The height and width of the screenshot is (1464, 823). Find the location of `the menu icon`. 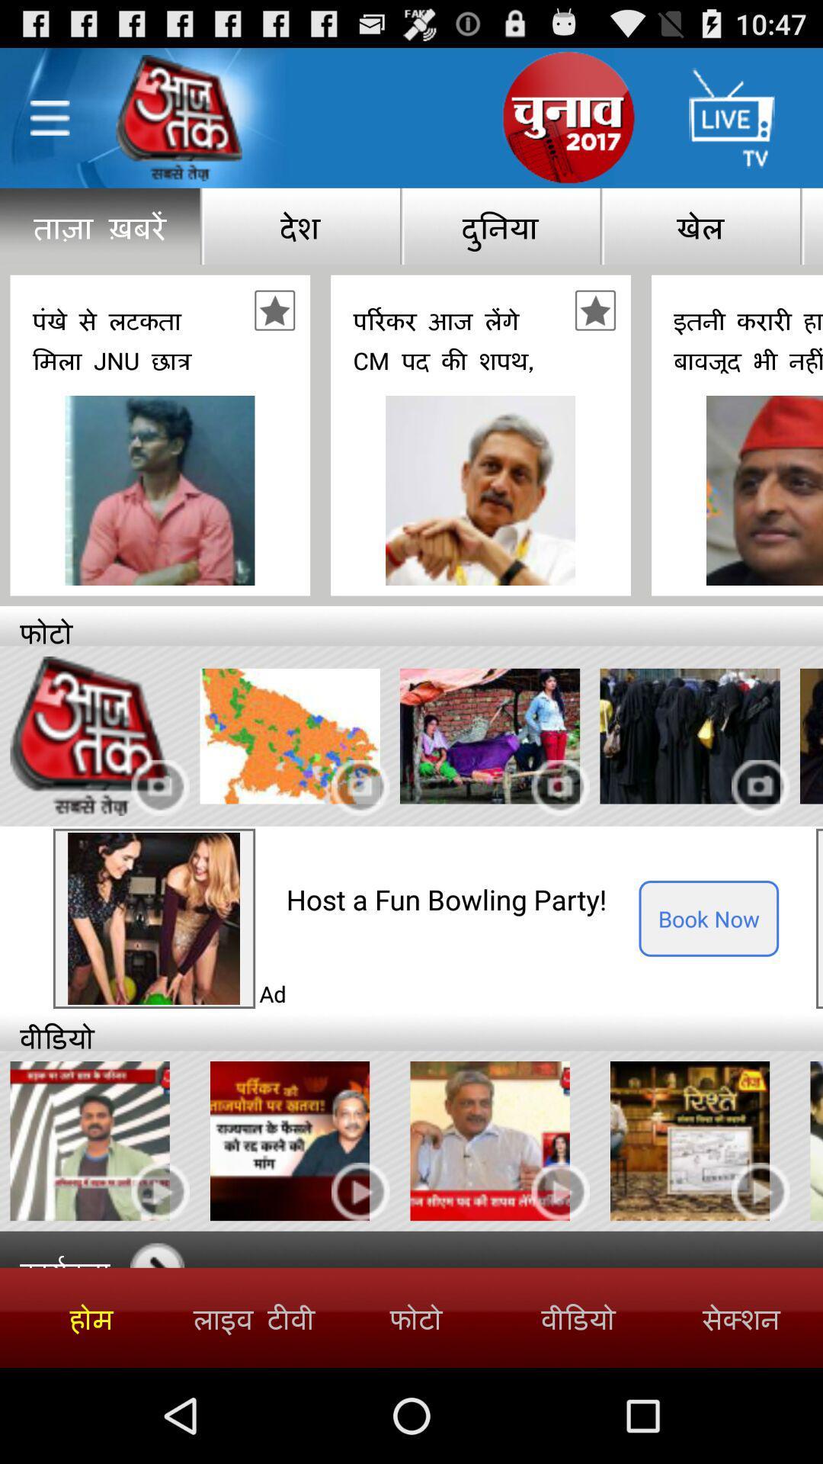

the menu icon is located at coordinates (49, 126).